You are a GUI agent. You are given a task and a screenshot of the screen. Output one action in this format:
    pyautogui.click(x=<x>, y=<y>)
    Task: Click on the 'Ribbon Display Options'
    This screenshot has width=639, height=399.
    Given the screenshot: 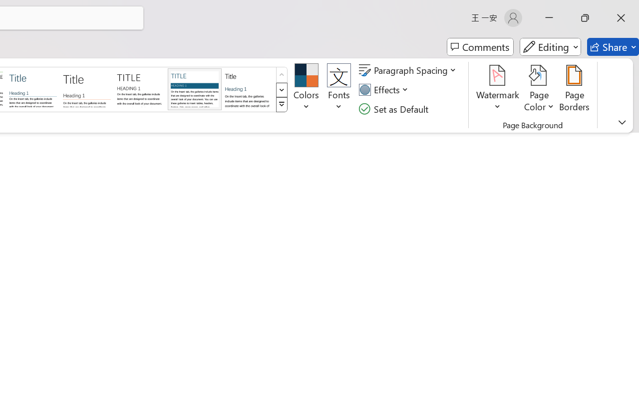 What is the action you would take?
    pyautogui.click(x=622, y=122)
    